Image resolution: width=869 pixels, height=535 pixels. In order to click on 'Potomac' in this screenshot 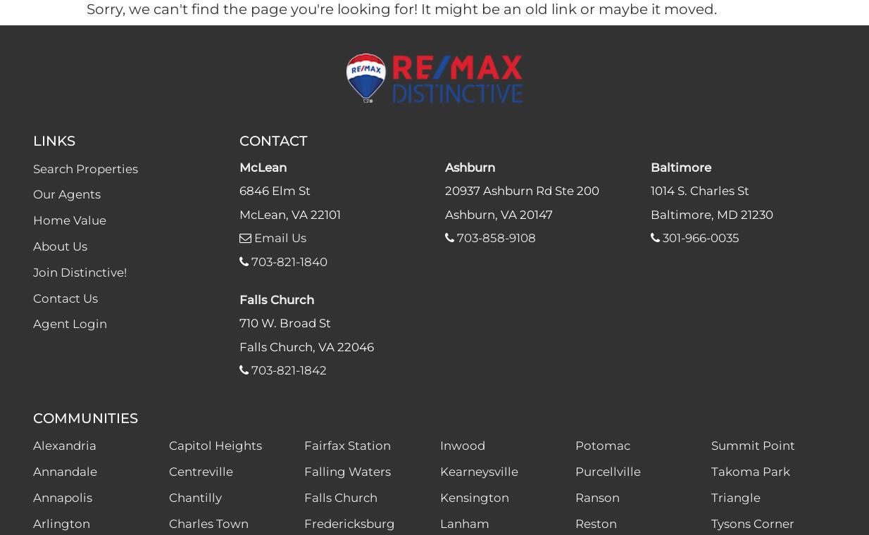, I will do `click(575, 445)`.